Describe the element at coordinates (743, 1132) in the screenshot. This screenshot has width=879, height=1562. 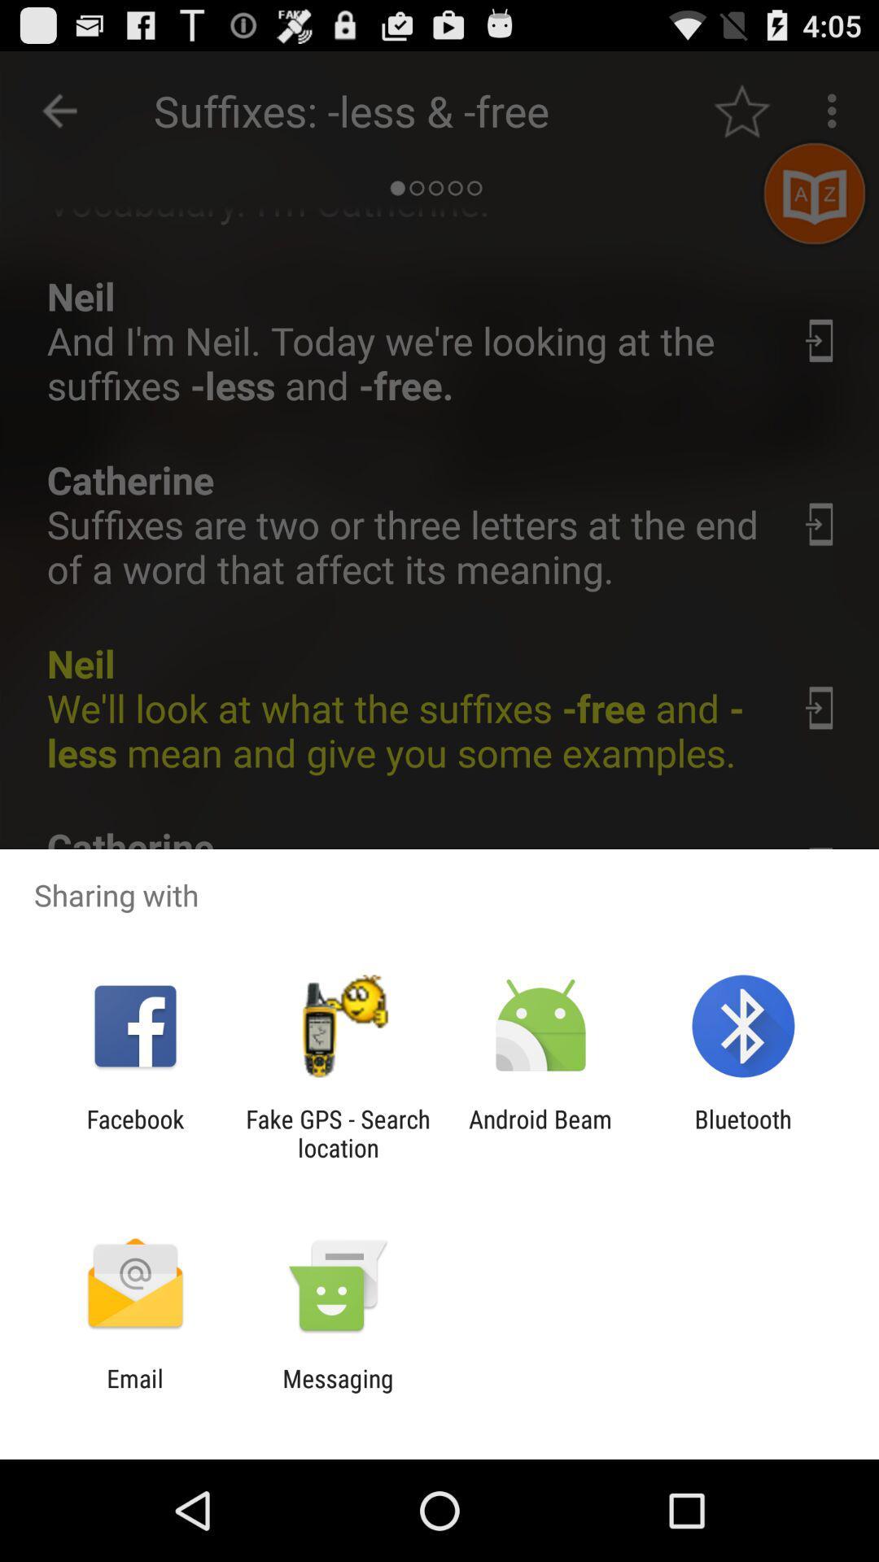
I see `the app at the bottom right corner` at that location.